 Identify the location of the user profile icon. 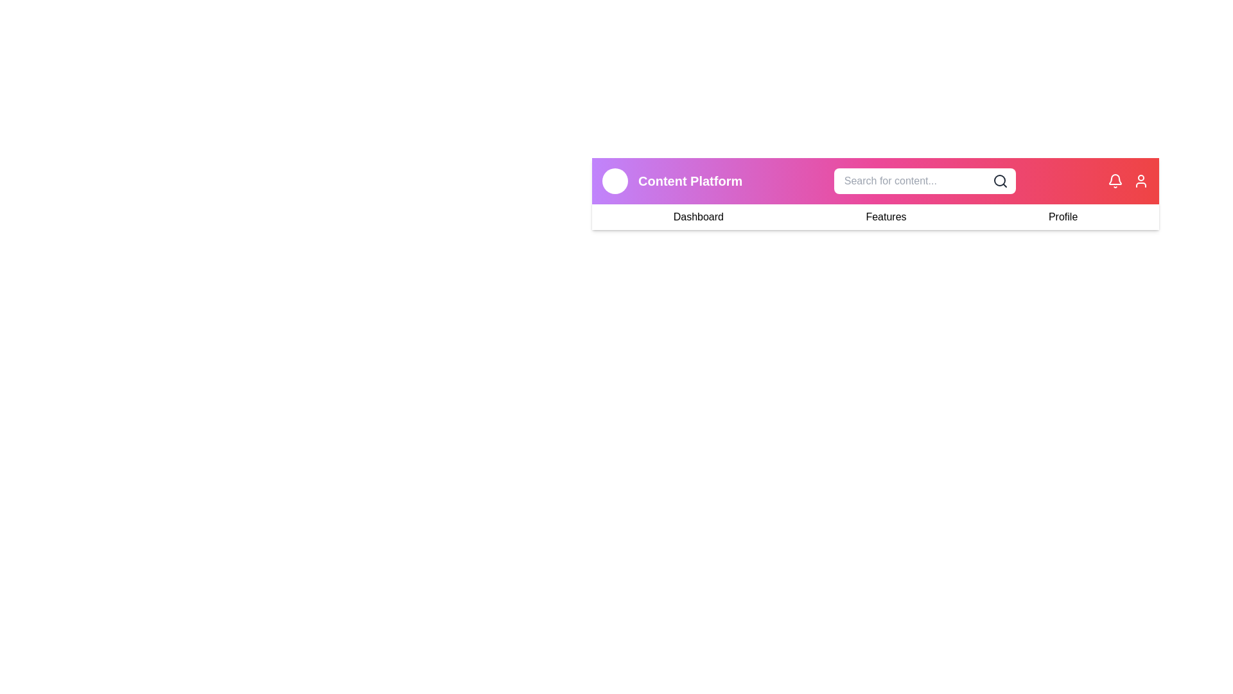
(1141, 181).